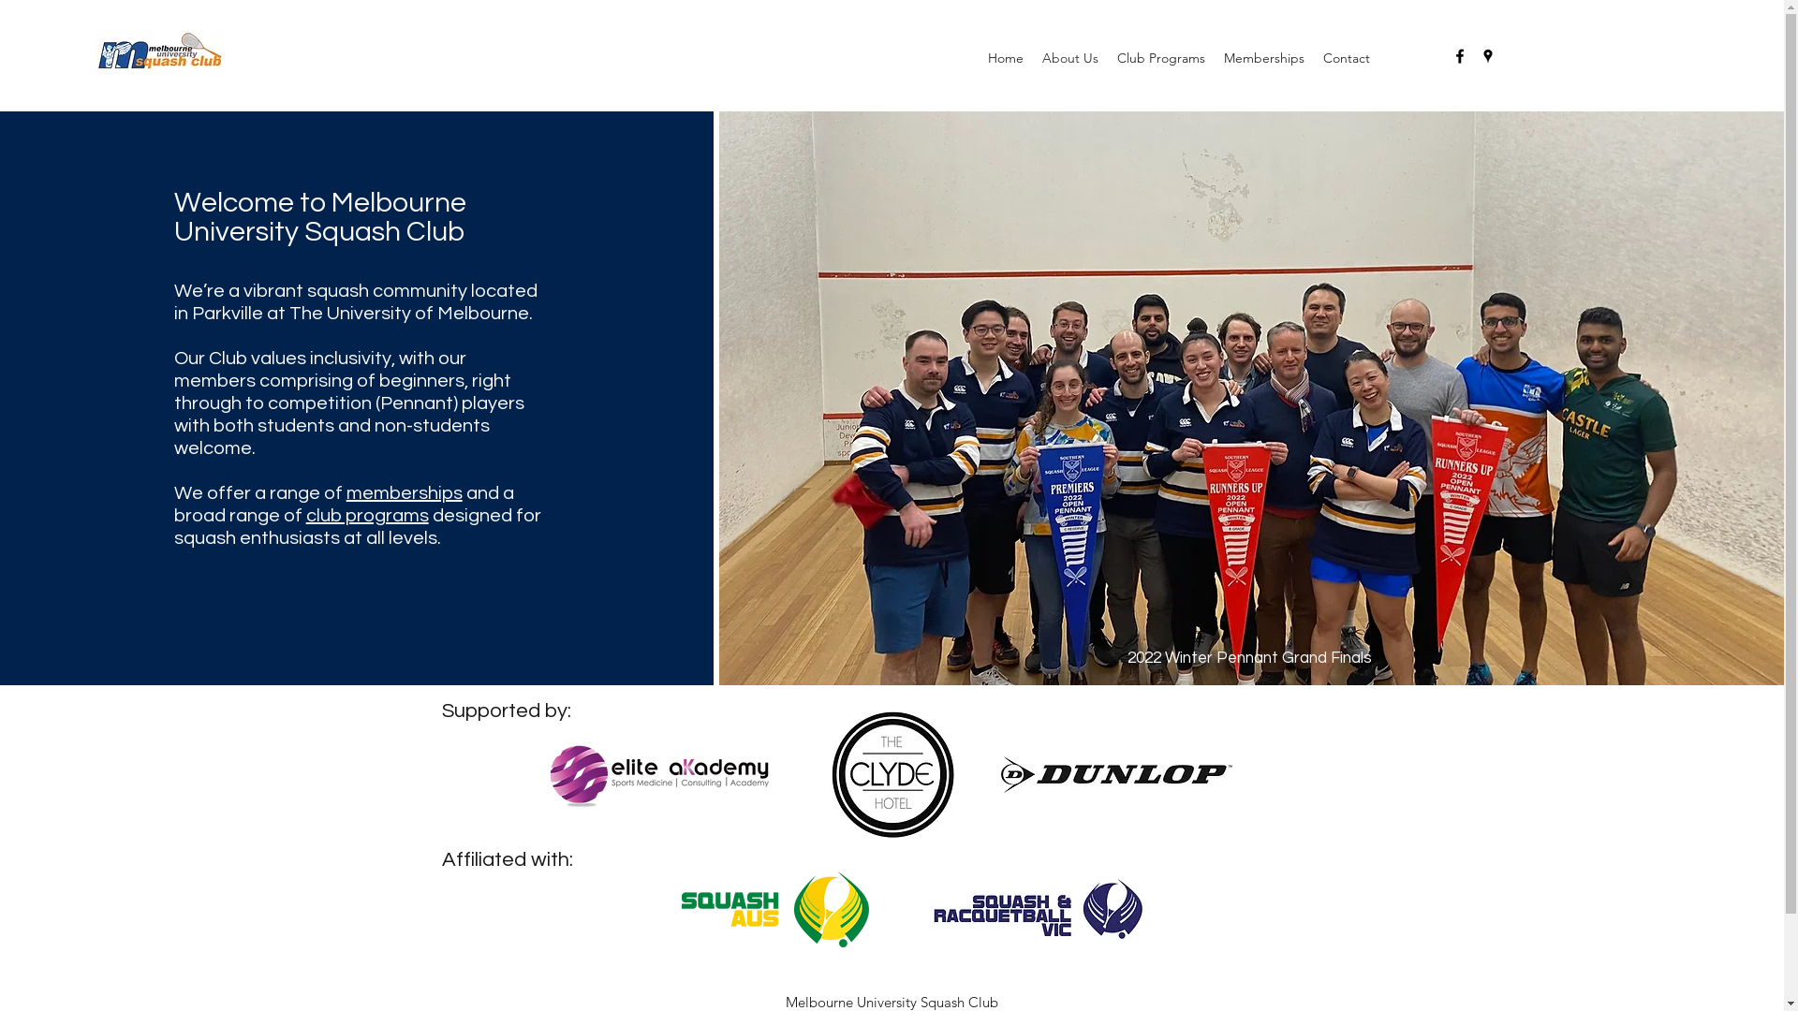 This screenshot has height=1011, width=1798. I want to click on 'Memberships', so click(1263, 55).